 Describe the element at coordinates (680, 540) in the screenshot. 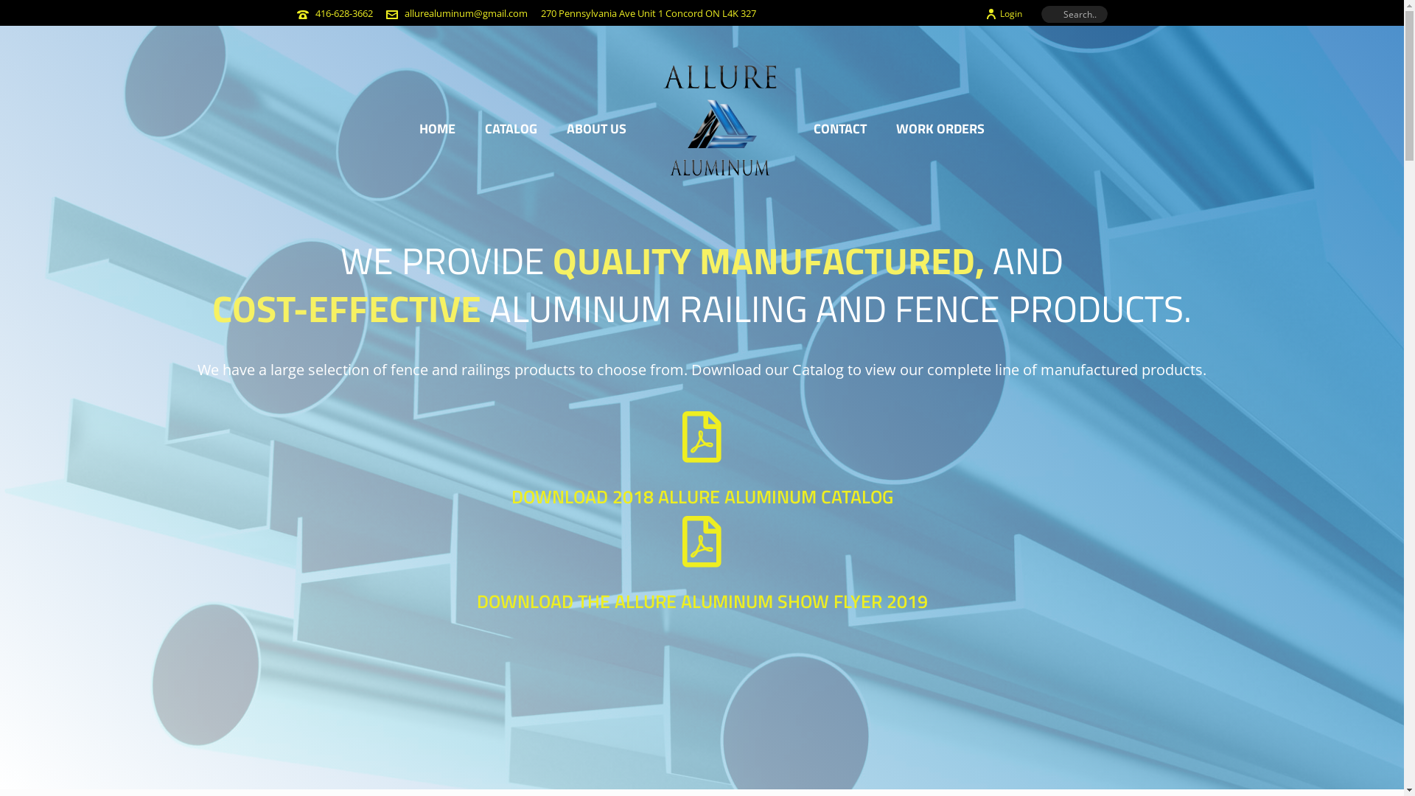

I see `'Allure Aluminum 2019 Flyer'` at that location.